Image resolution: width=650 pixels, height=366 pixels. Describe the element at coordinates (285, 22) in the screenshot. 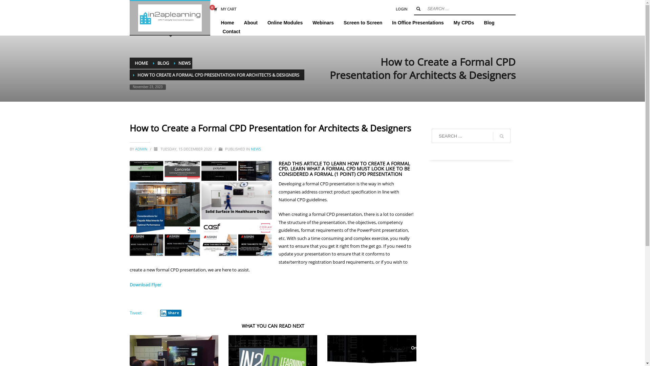

I see `'Online Modules'` at that location.